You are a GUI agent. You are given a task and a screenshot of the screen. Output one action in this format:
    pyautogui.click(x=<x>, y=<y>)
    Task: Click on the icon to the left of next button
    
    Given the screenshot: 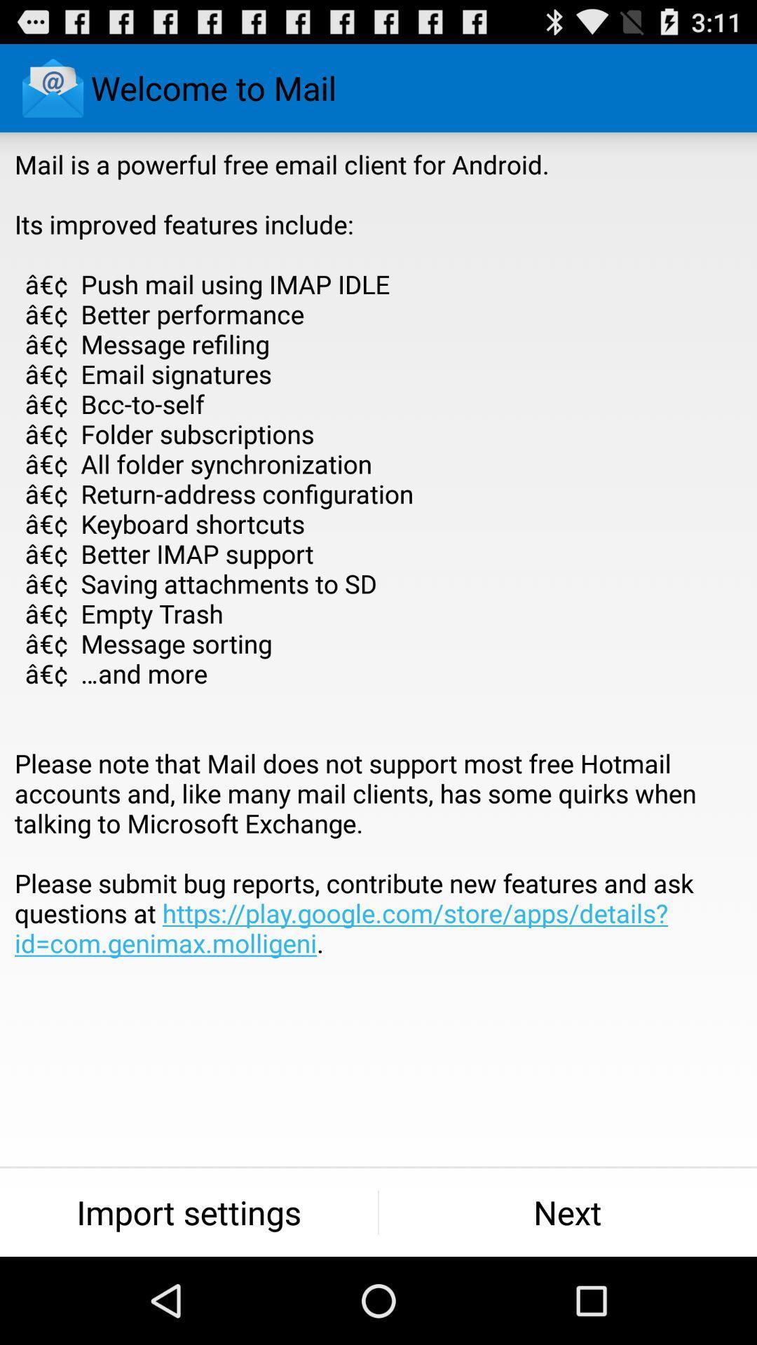 What is the action you would take?
    pyautogui.click(x=188, y=1212)
    